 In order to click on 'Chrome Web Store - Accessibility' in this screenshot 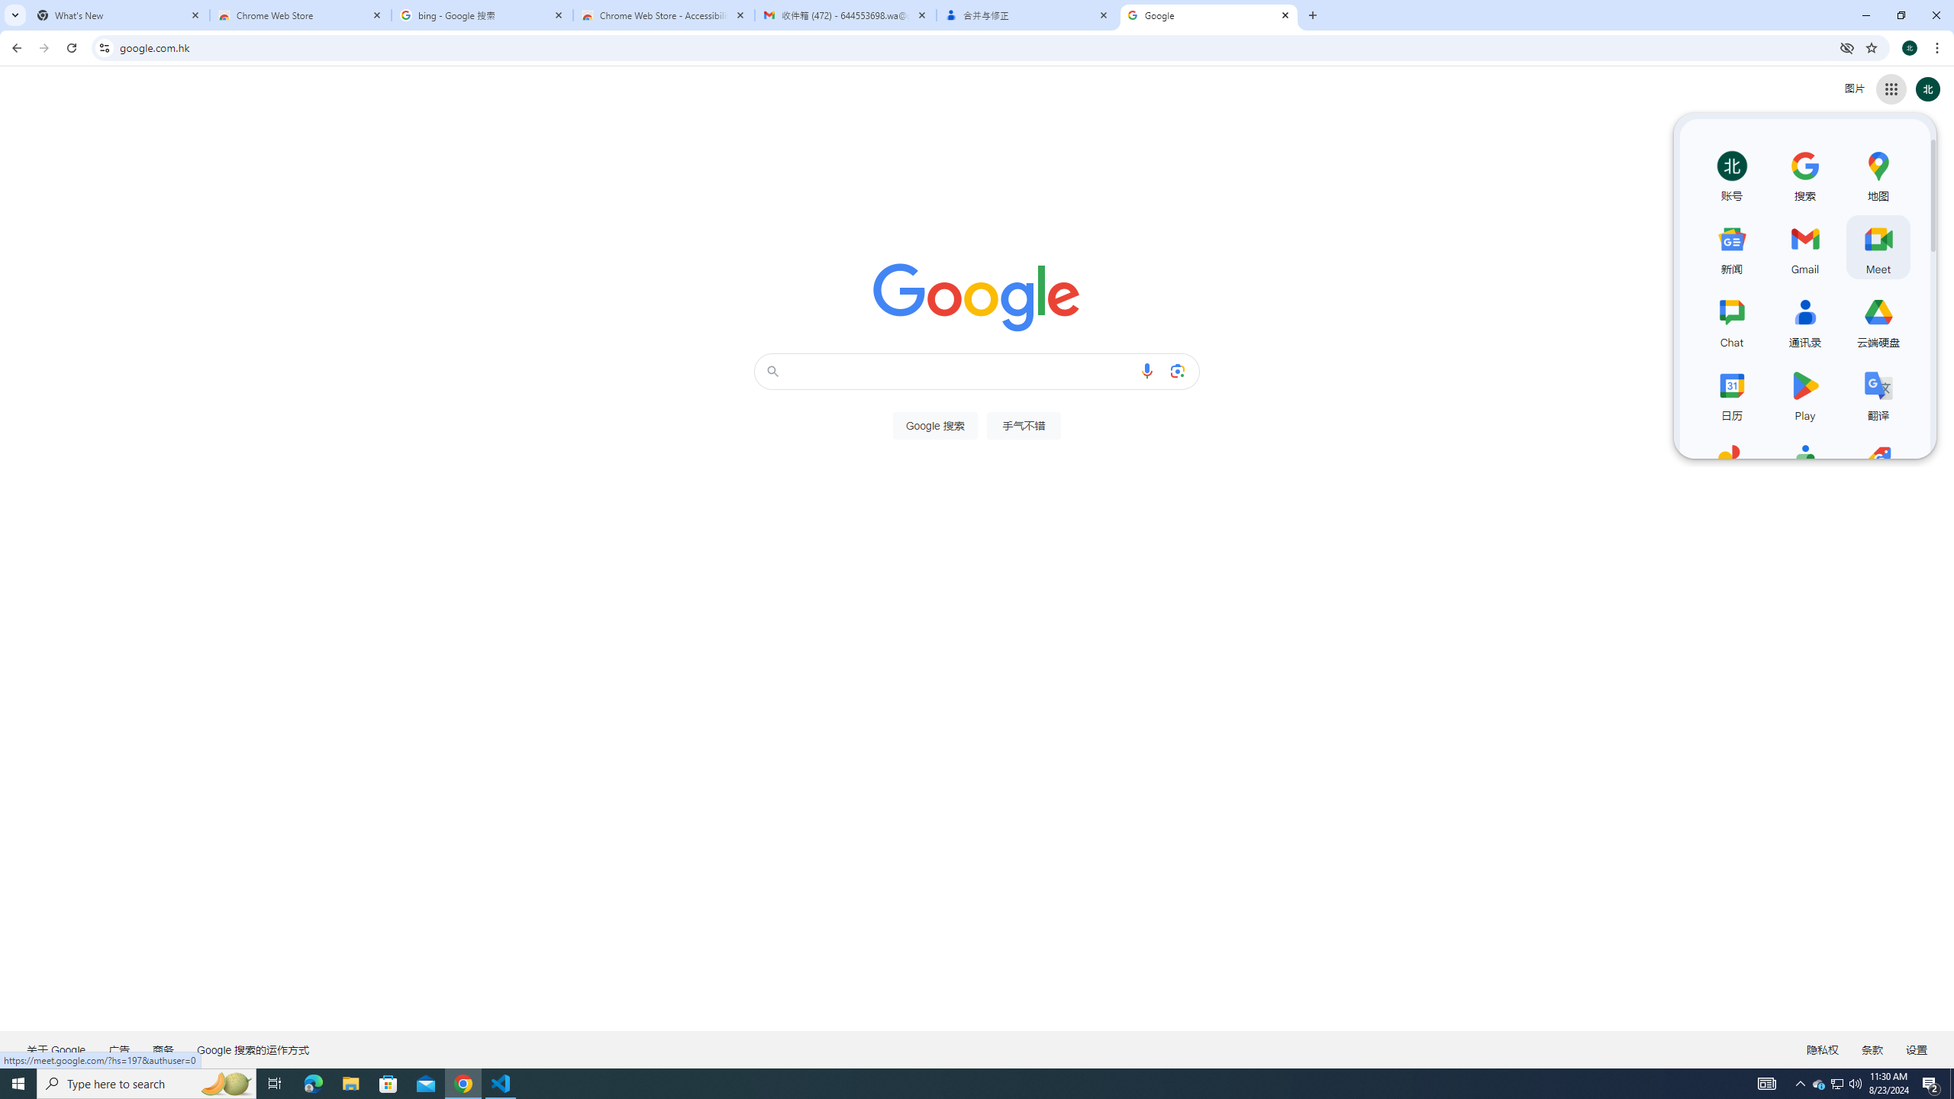, I will do `click(663, 15)`.